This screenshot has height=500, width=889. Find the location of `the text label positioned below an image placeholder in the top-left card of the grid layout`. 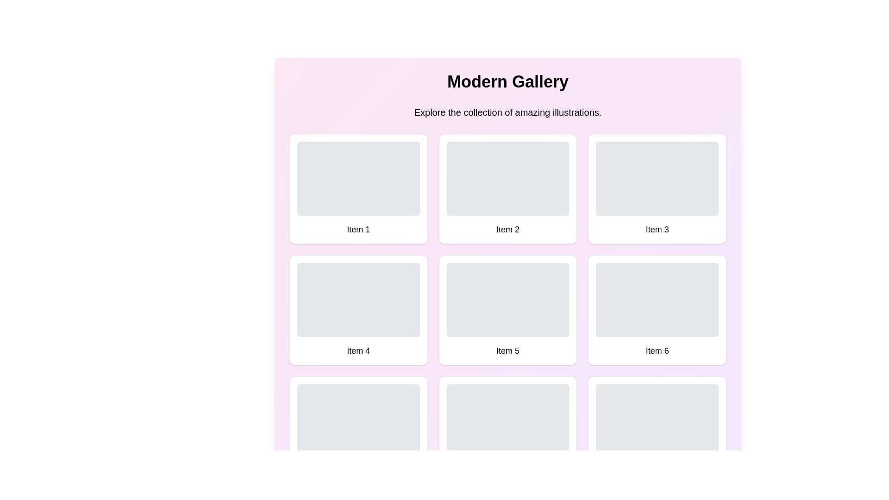

the text label positioned below an image placeholder in the top-left card of the grid layout is located at coordinates (358, 229).